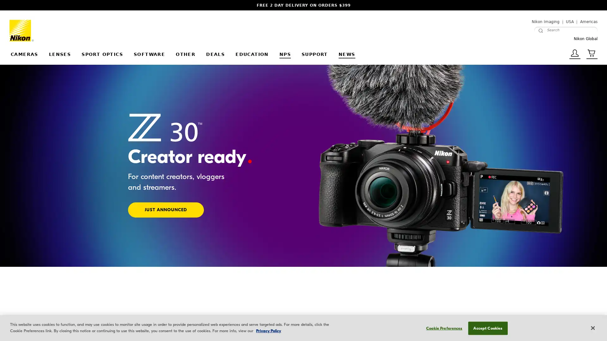 Image resolution: width=607 pixels, height=341 pixels. Describe the element at coordinates (592, 327) in the screenshot. I see `Close` at that location.